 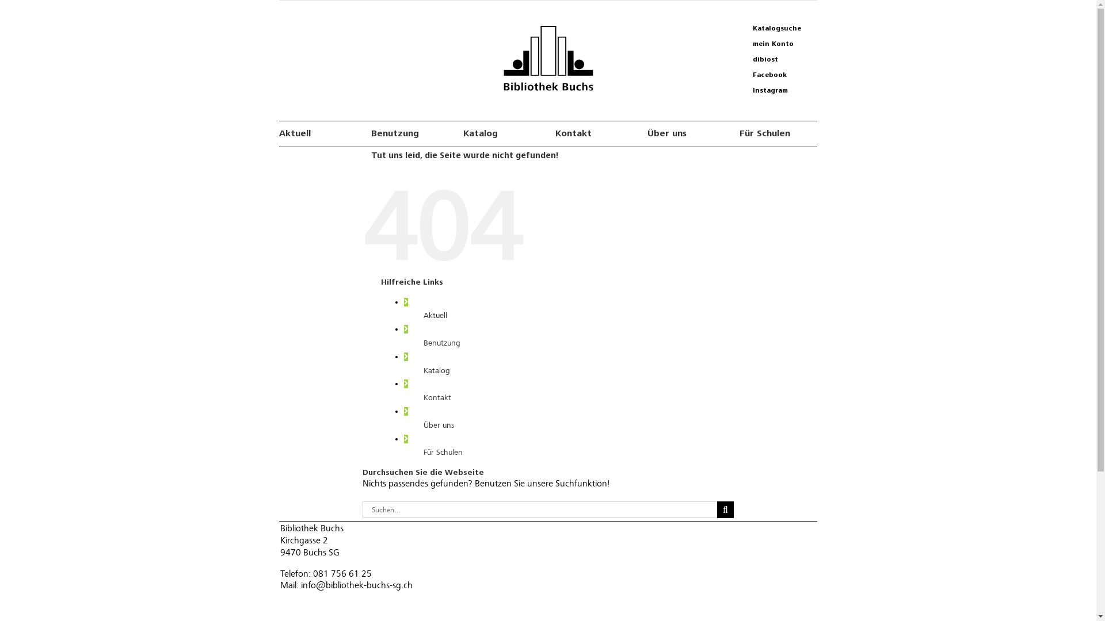 What do you see at coordinates (441, 342) in the screenshot?
I see `'Benutzung'` at bounding box center [441, 342].